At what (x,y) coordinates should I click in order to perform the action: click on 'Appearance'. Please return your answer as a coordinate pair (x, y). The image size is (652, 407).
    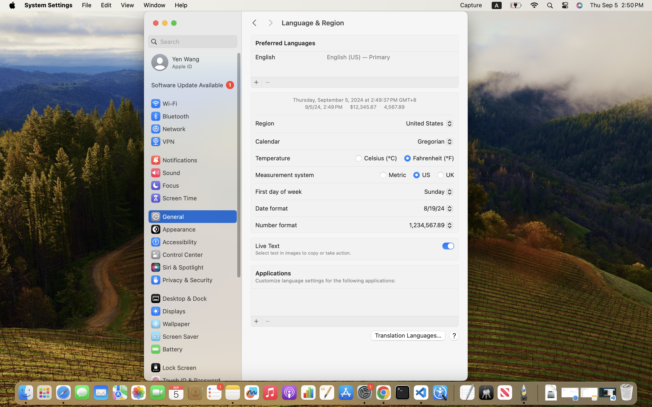
    Looking at the image, I should click on (173, 229).